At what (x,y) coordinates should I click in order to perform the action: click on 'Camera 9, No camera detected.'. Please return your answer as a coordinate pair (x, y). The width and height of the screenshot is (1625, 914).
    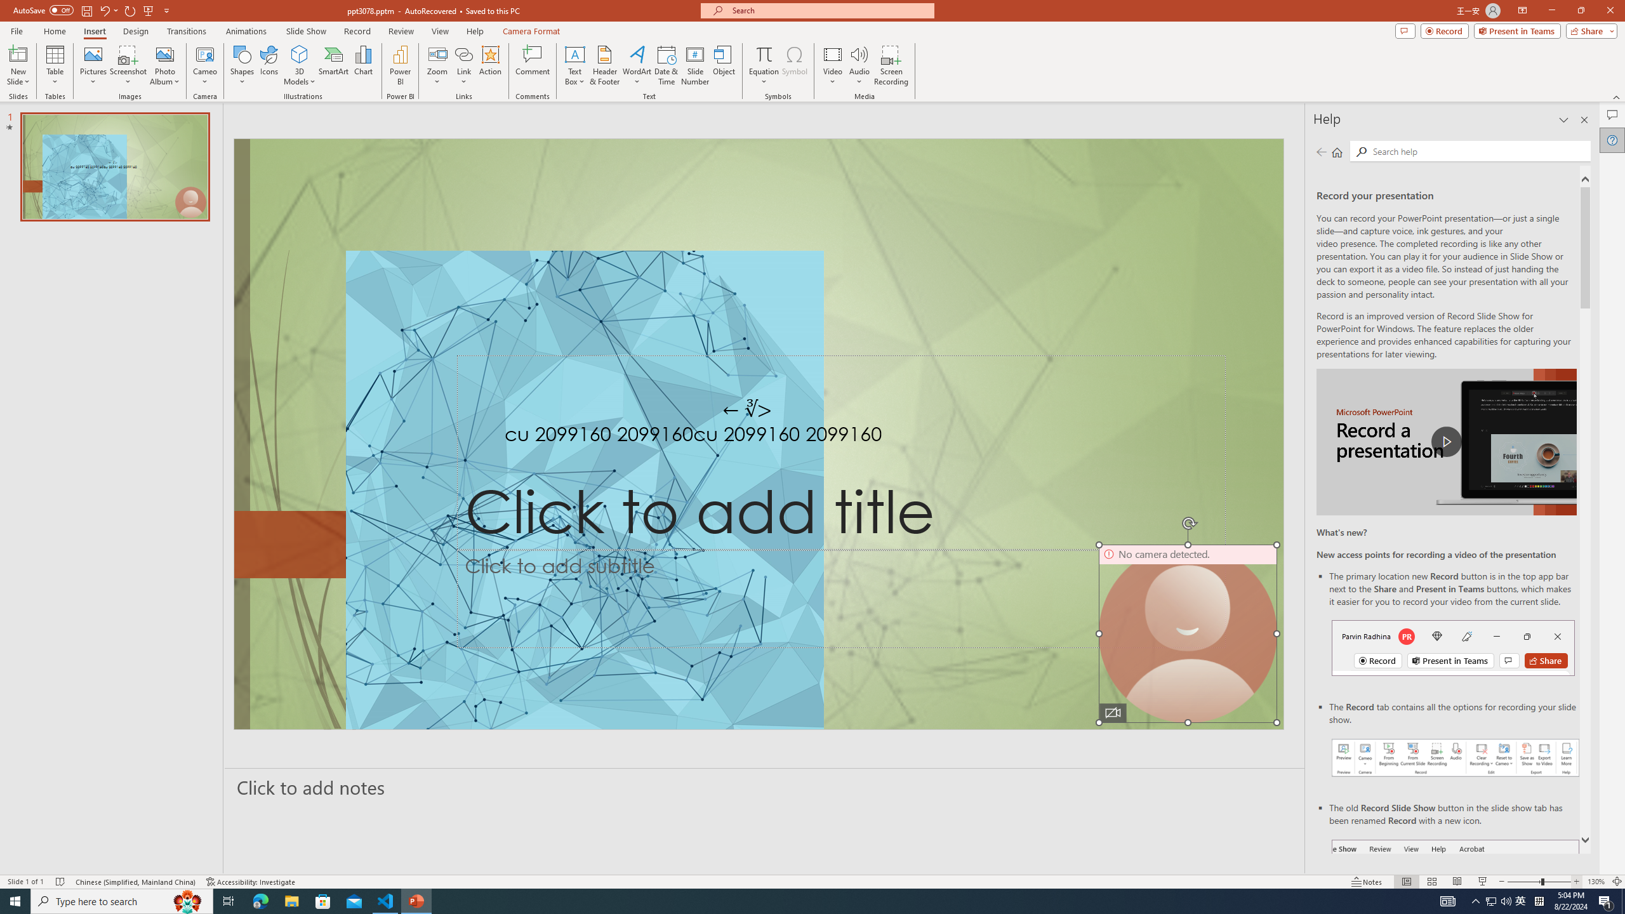
    Looking at the image, I should click on (1188, 632).